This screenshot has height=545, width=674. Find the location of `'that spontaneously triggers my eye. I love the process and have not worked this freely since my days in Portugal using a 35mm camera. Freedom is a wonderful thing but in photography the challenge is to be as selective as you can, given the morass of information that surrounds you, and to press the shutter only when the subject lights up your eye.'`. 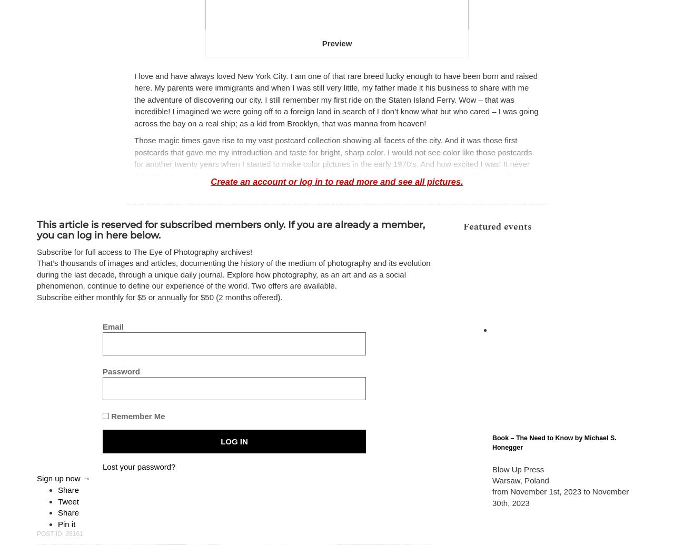

'that spontaneously triggers my eye. I love the process and have not worked this freely since my days in Portugal using a 35mm camera. Freedom is a wonderful thing but in photography the challenge is to be as selective as you can, given the morass of information that surrounds you, and to press the shutter only when the subject lights up your eye.' is located at coordinates (335, 286).